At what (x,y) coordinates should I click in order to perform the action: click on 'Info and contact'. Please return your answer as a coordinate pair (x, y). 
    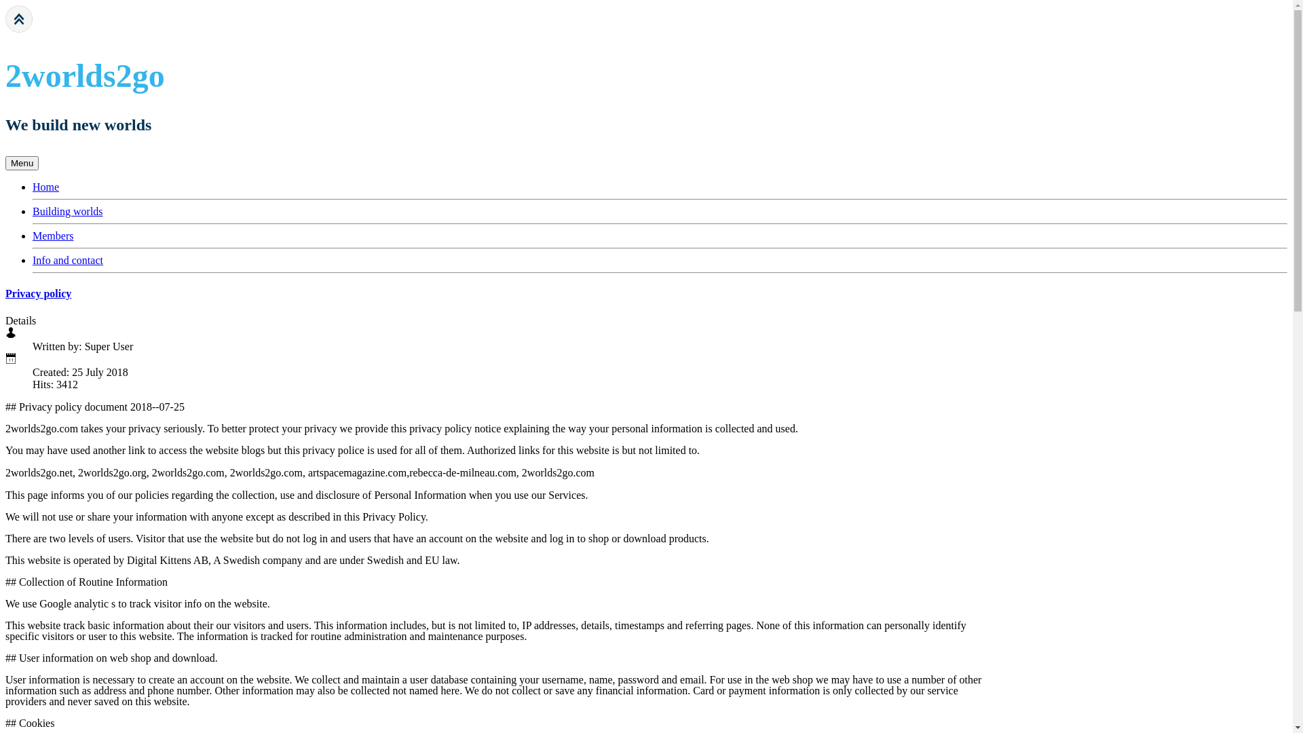
    Looking at the image, I should click on (67, 260).